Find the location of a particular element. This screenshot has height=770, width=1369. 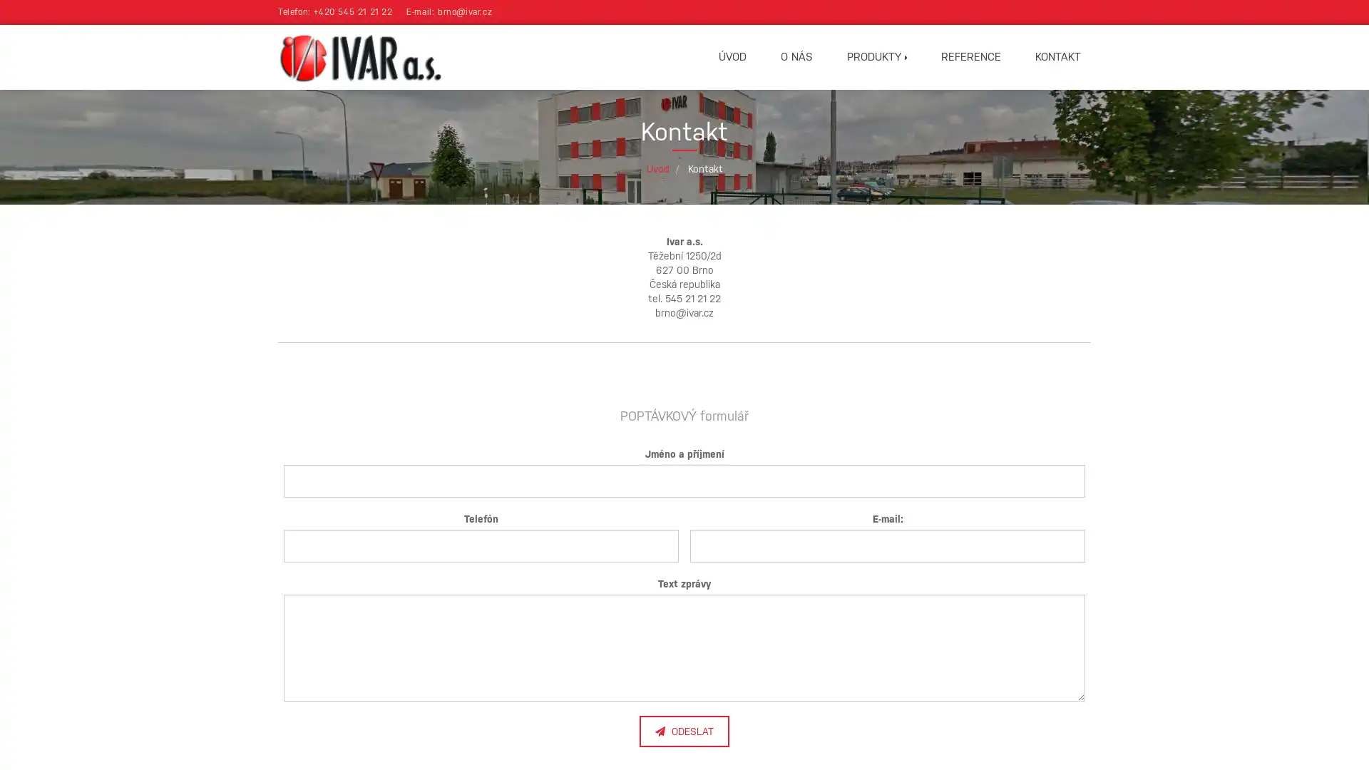

ODESLAT is located at coordinates (684, 731).